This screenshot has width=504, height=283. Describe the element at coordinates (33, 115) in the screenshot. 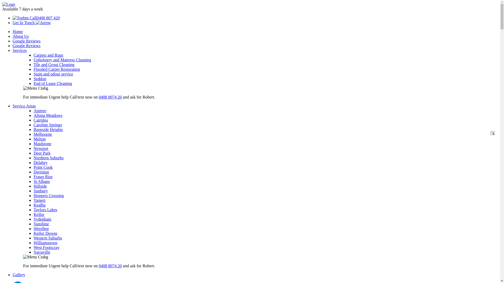

I see `'Altona Meadows'` at that location.